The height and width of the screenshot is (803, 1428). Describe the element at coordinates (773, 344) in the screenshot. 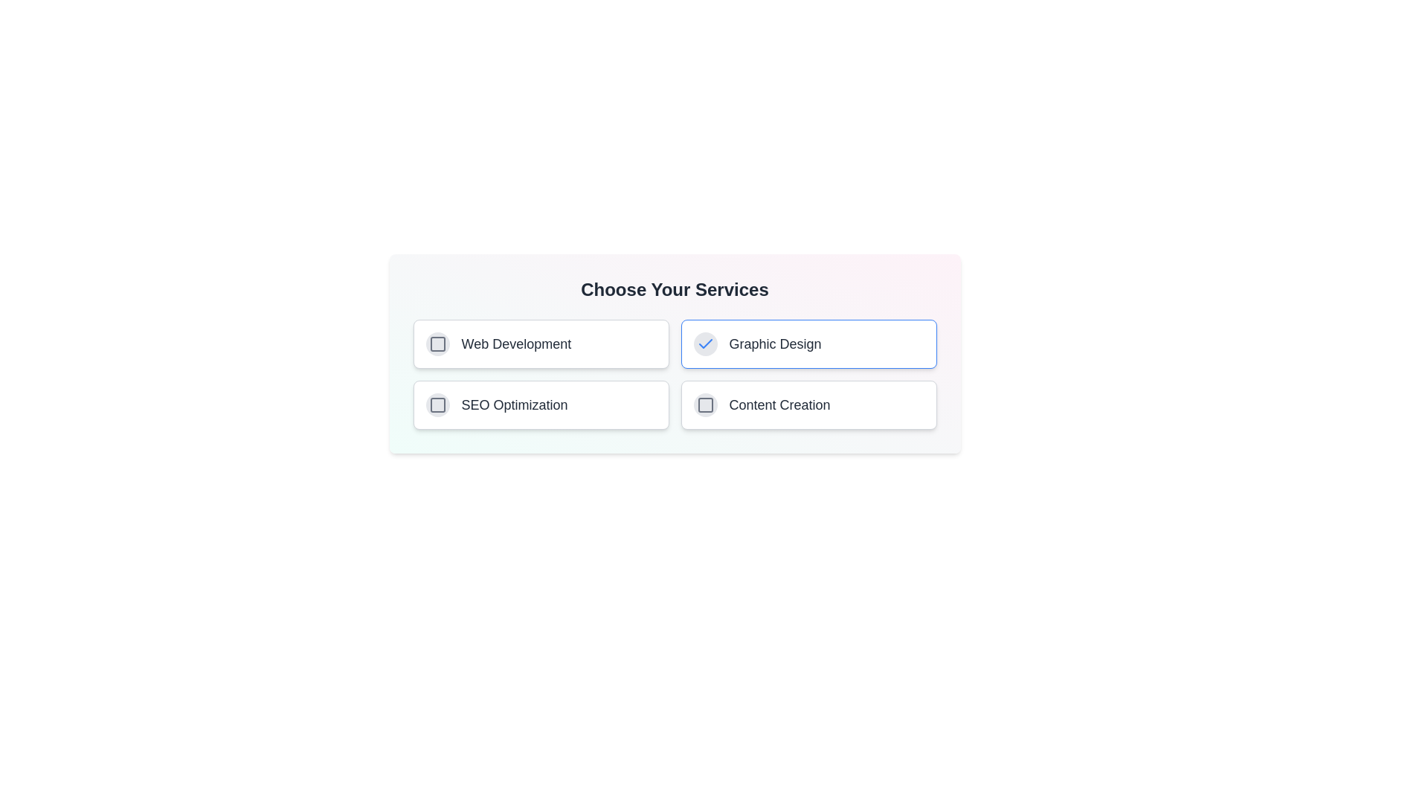

I see `the service labeled Graphic Design` at that location.